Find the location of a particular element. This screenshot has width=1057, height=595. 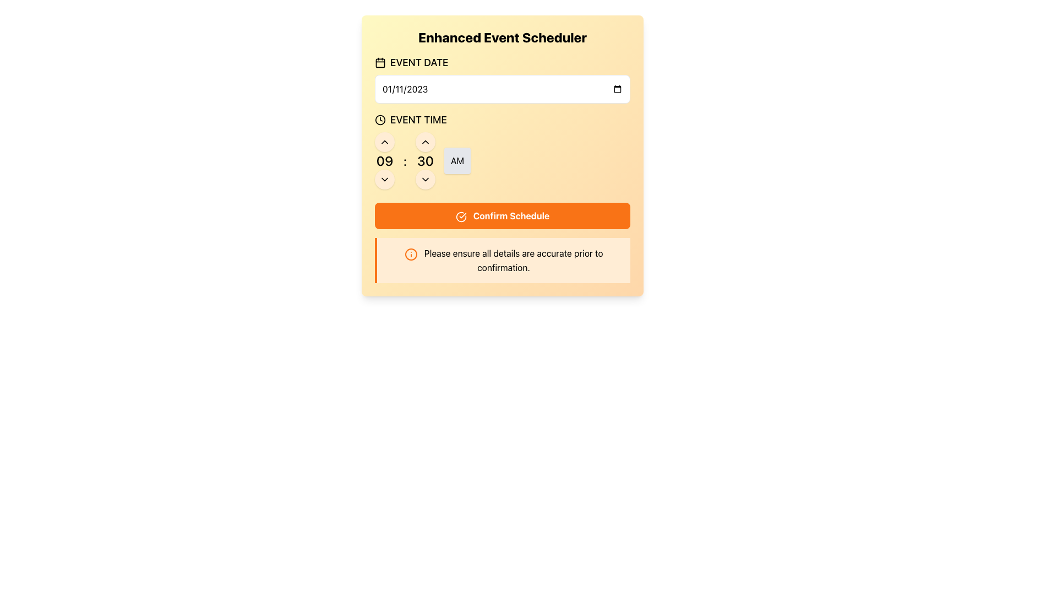

the static text display that shows the currently selected hour in the event scheduling interface, located to the left of the ':' separator in the time selection section is located at coordinates (385, 161).